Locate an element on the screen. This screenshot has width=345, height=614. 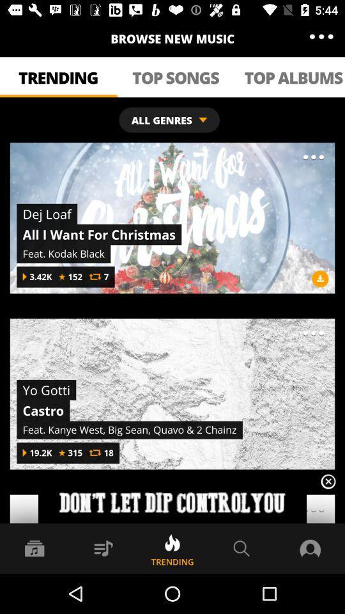
the more icon is located at coordinates (321, 36).